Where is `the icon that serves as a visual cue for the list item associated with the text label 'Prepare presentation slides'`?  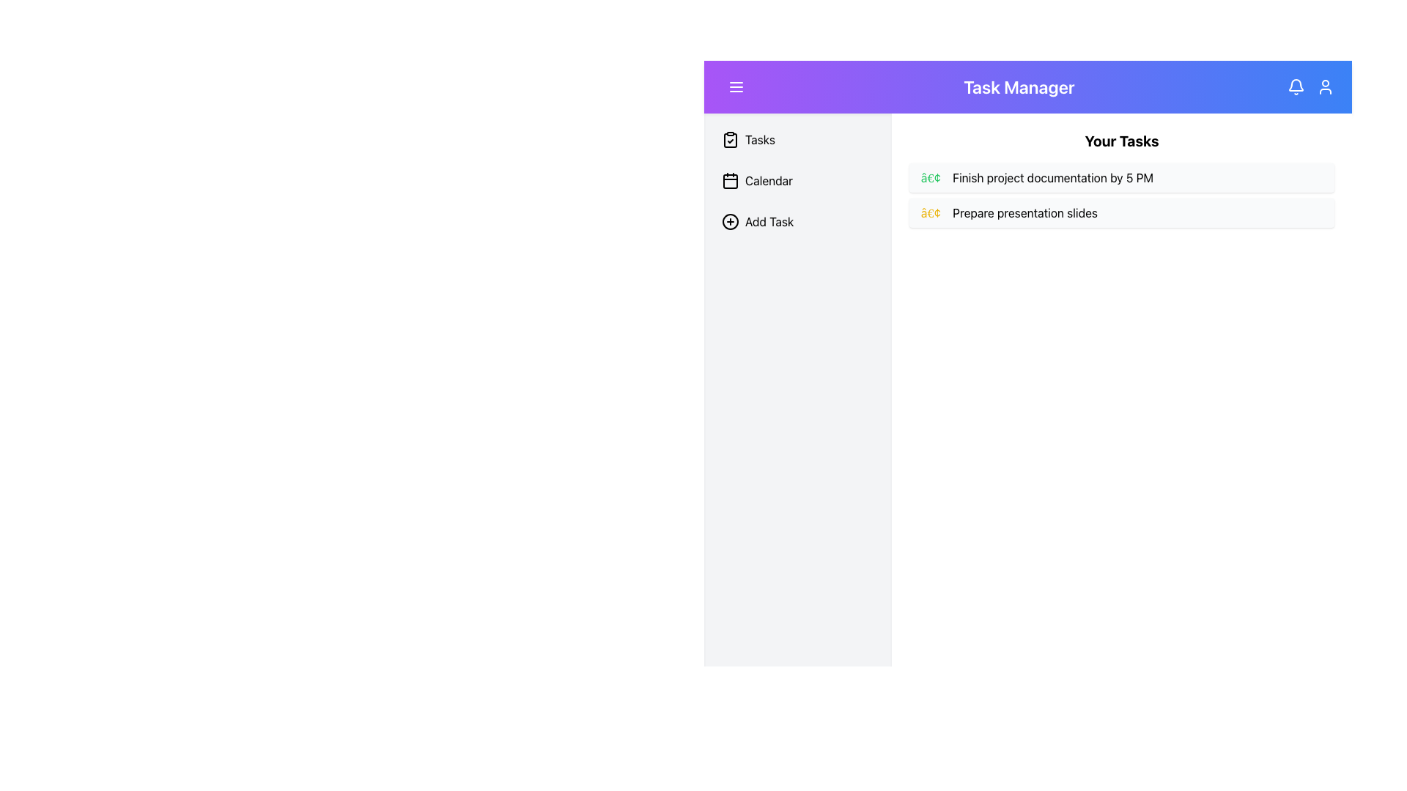
the icon that serves as a visual cue for the list item associated with the text label 'Prepare presentation slides' is located at coordinates (930, 212).